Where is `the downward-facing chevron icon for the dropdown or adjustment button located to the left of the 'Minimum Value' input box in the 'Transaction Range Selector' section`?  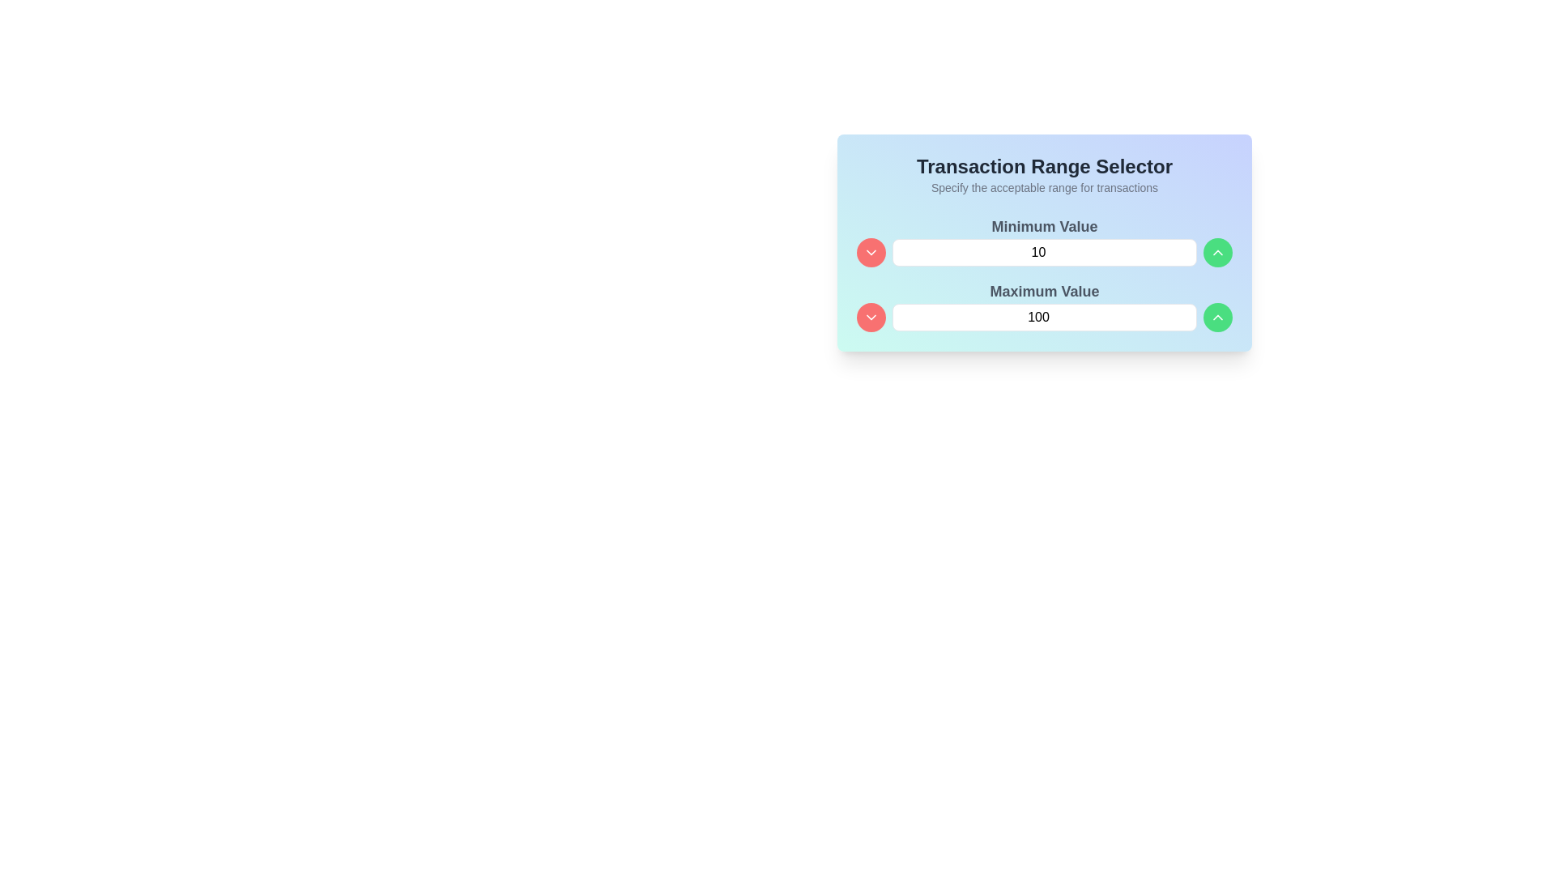
the downward-facing chevron icon for the dropdown or adjustment button located to the left of the 'Minimum Value' input box in the 'Transaction Range Selector' section is located at coordinates (870, 318).